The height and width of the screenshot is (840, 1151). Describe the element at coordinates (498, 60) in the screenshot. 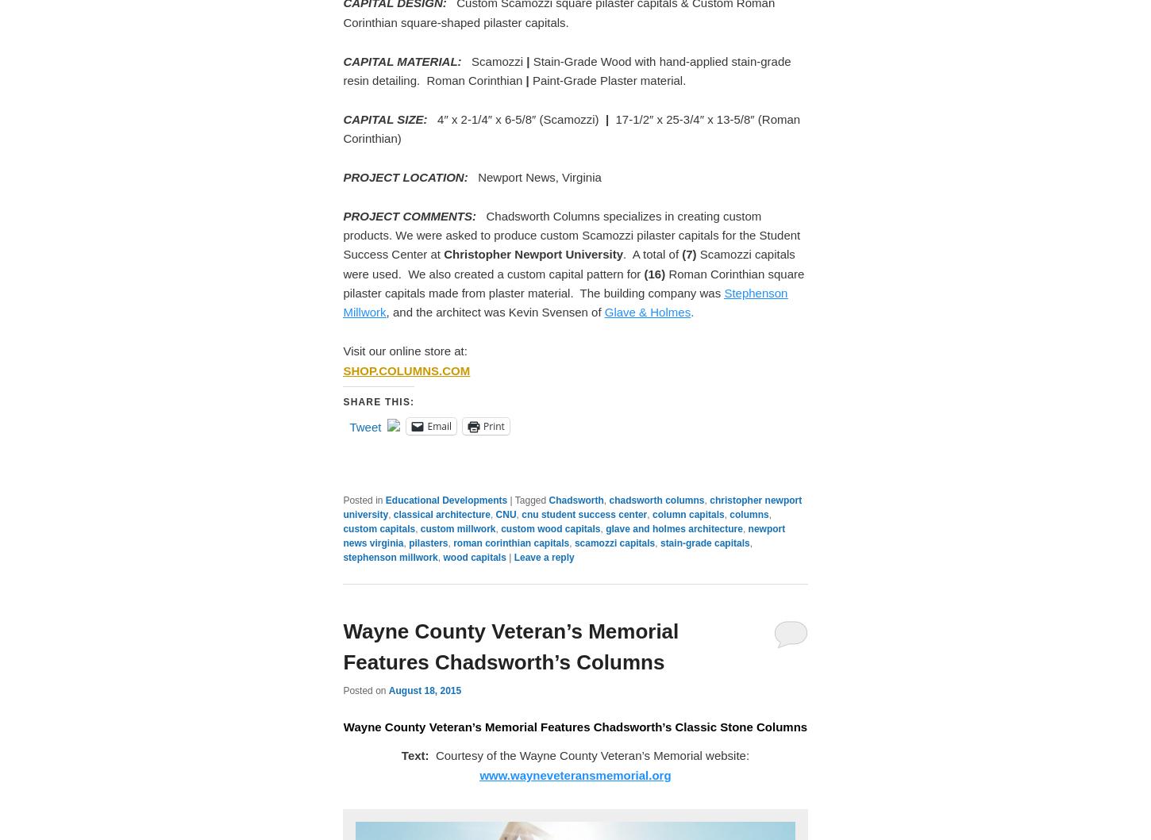

I see `'Scamozzi'` at that location.